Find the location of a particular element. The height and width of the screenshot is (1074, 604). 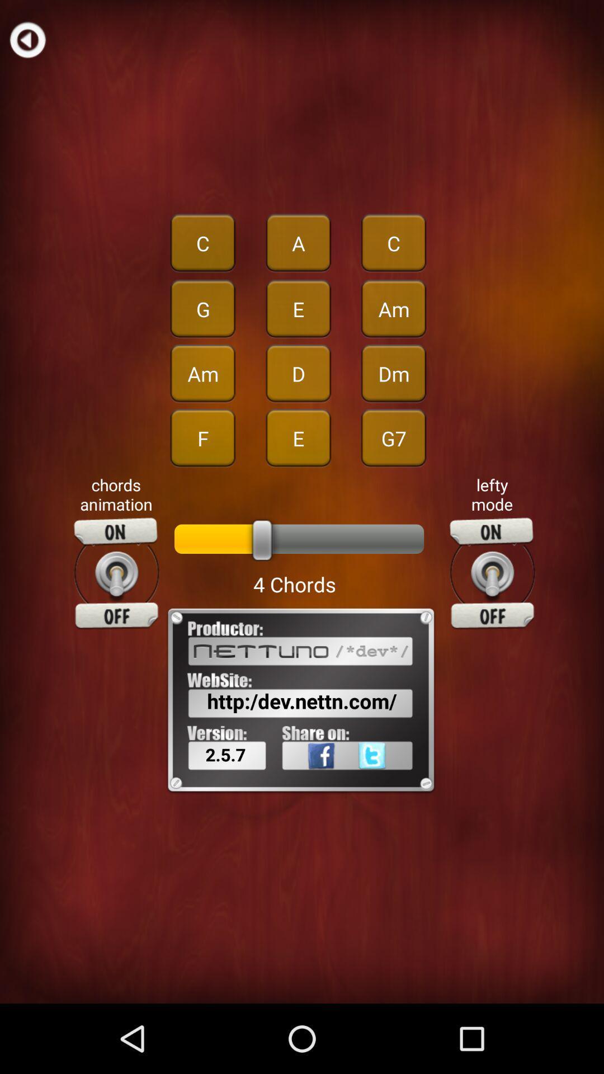

share on twitter is located at coordinates (389, 780).